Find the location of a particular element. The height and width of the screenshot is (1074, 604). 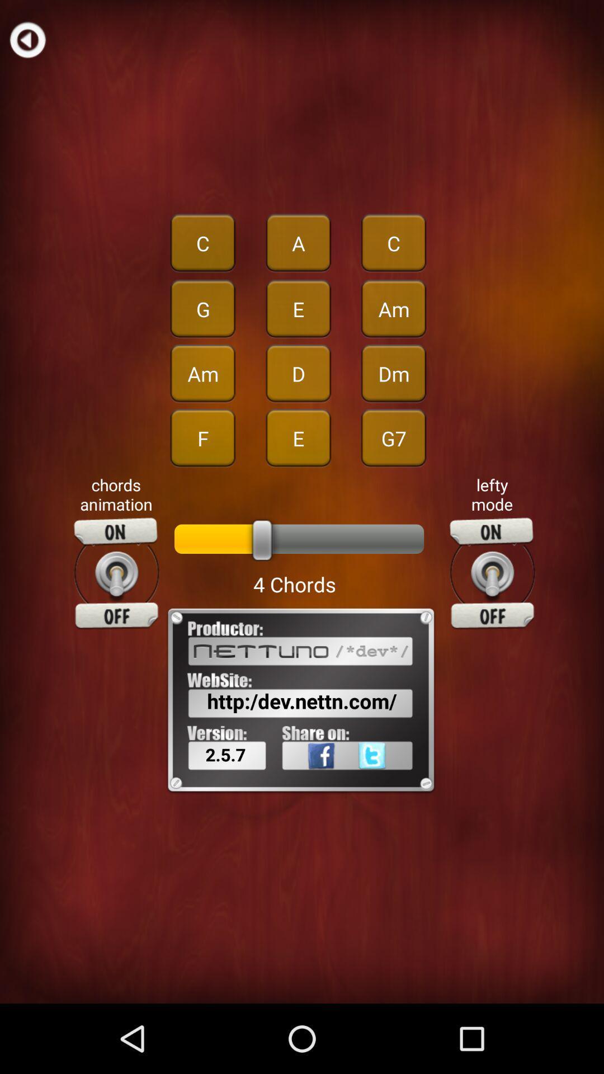

share on twitter is located at coordinates (389, 780).